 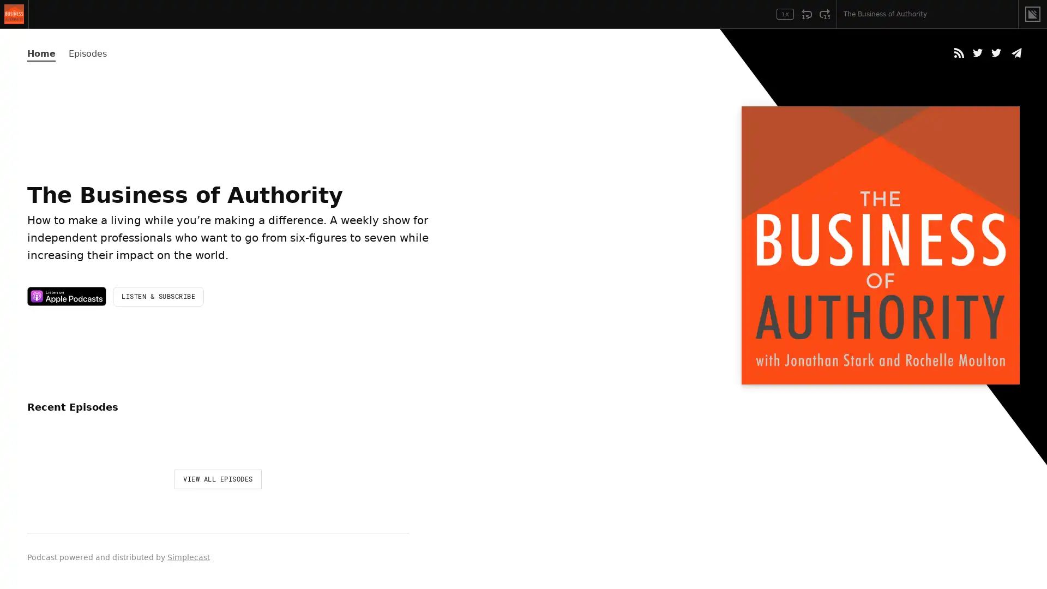 I want to click on Rewind 15 Seconds, so click(x=807, y=14).